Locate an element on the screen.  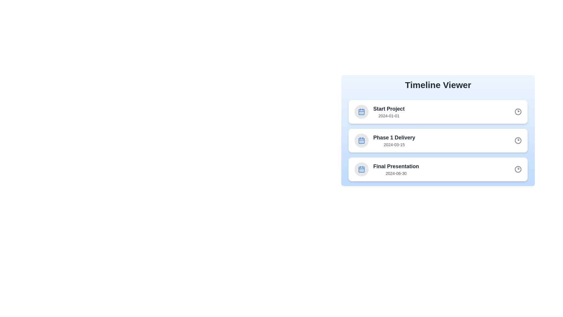
the small square-shaped decorative element with rounded corners and light blue fill, which is part of the calendar icon located at the left side of the second list item in the 'Timeline Viewer' interface is located at coordinates (361, 141).